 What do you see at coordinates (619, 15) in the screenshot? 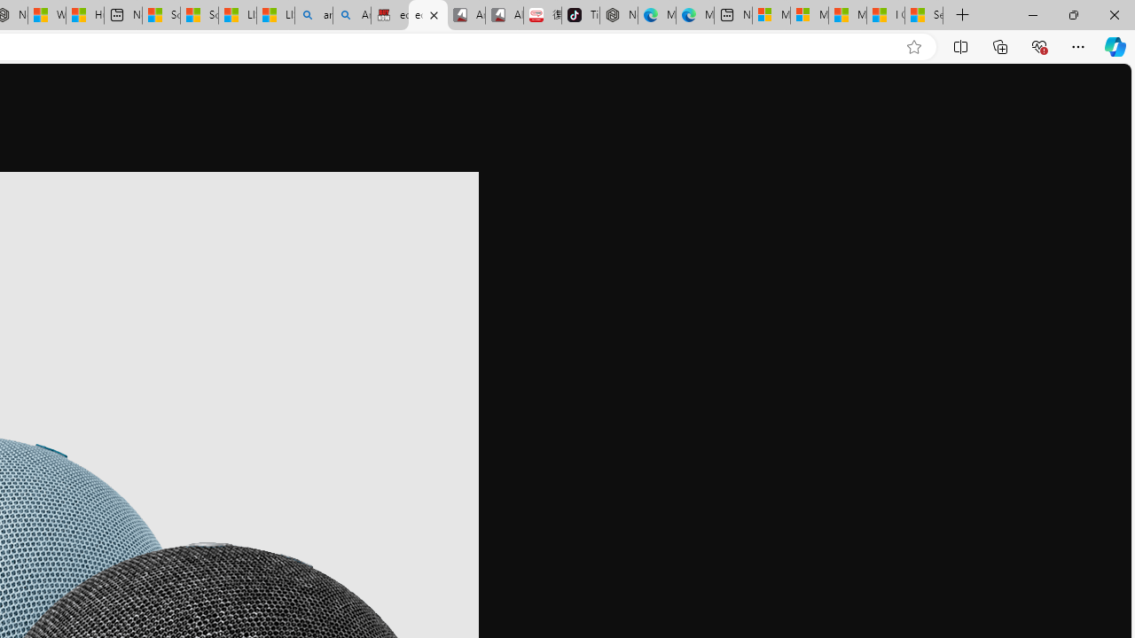
I see `'Nordace - Best Sellers'` at bounding box center [619, 15].